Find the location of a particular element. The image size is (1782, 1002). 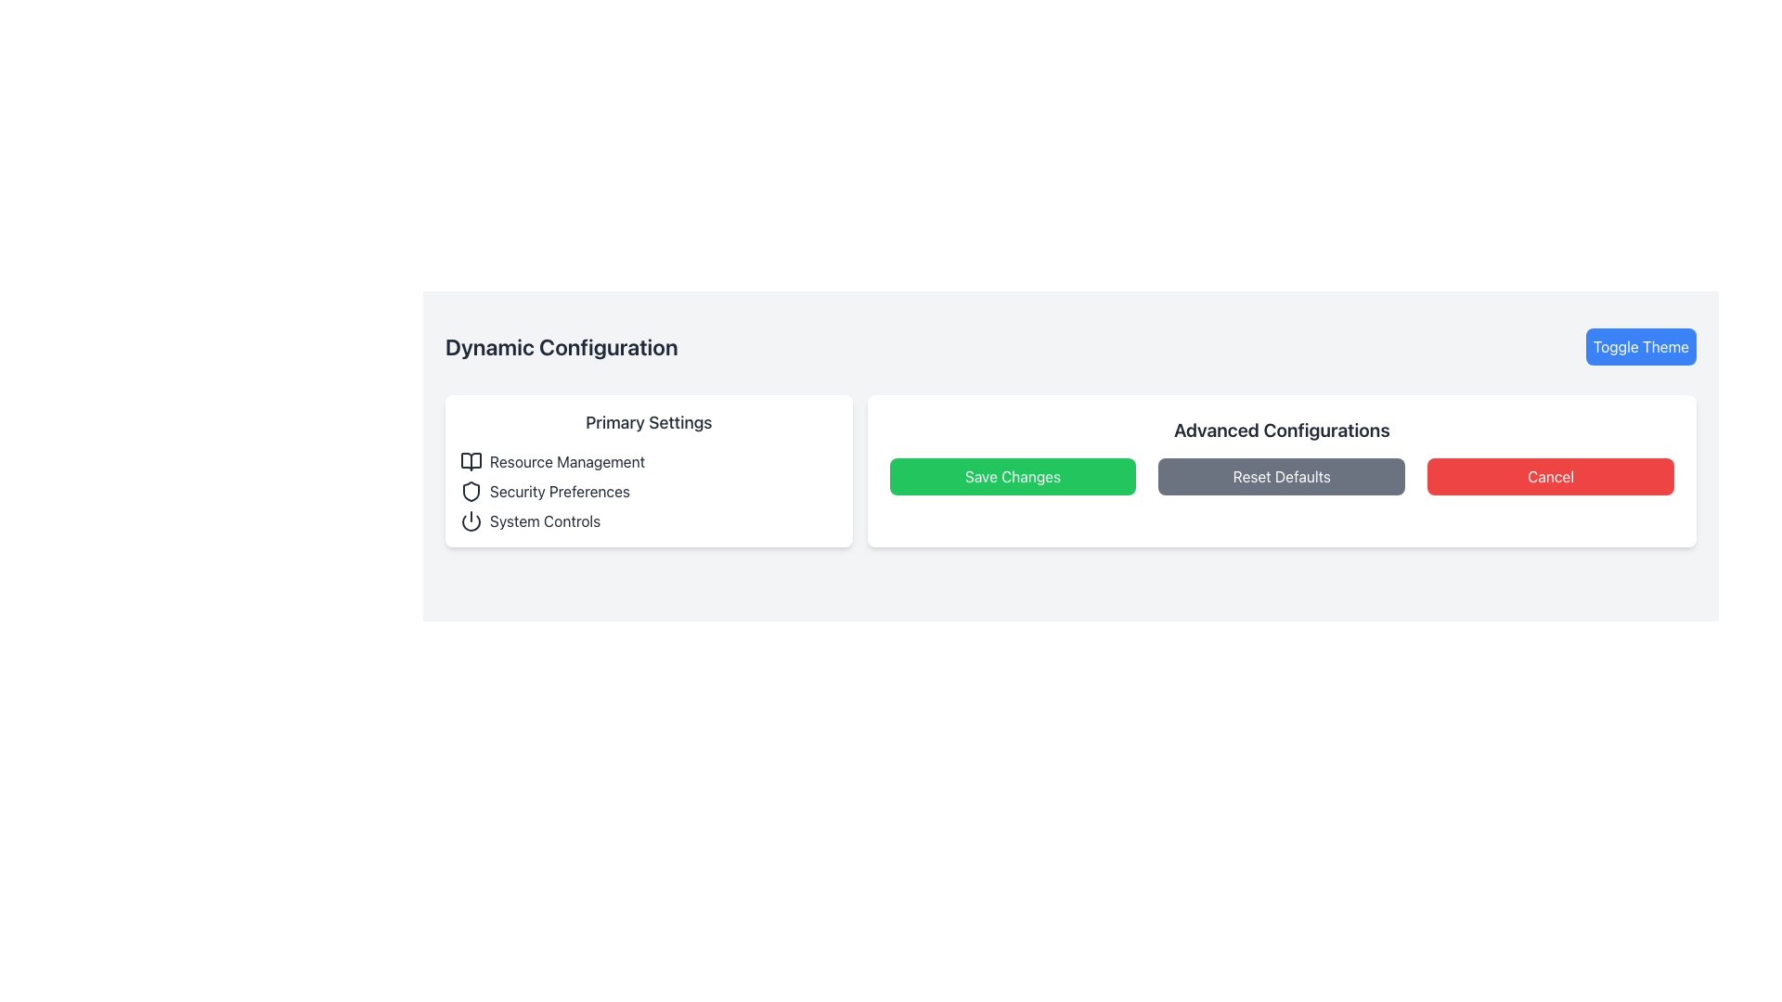

the red 'Cancel' button with white text, located in the 'Advanced Configurations' panel is located at coordinates (1551, 475).